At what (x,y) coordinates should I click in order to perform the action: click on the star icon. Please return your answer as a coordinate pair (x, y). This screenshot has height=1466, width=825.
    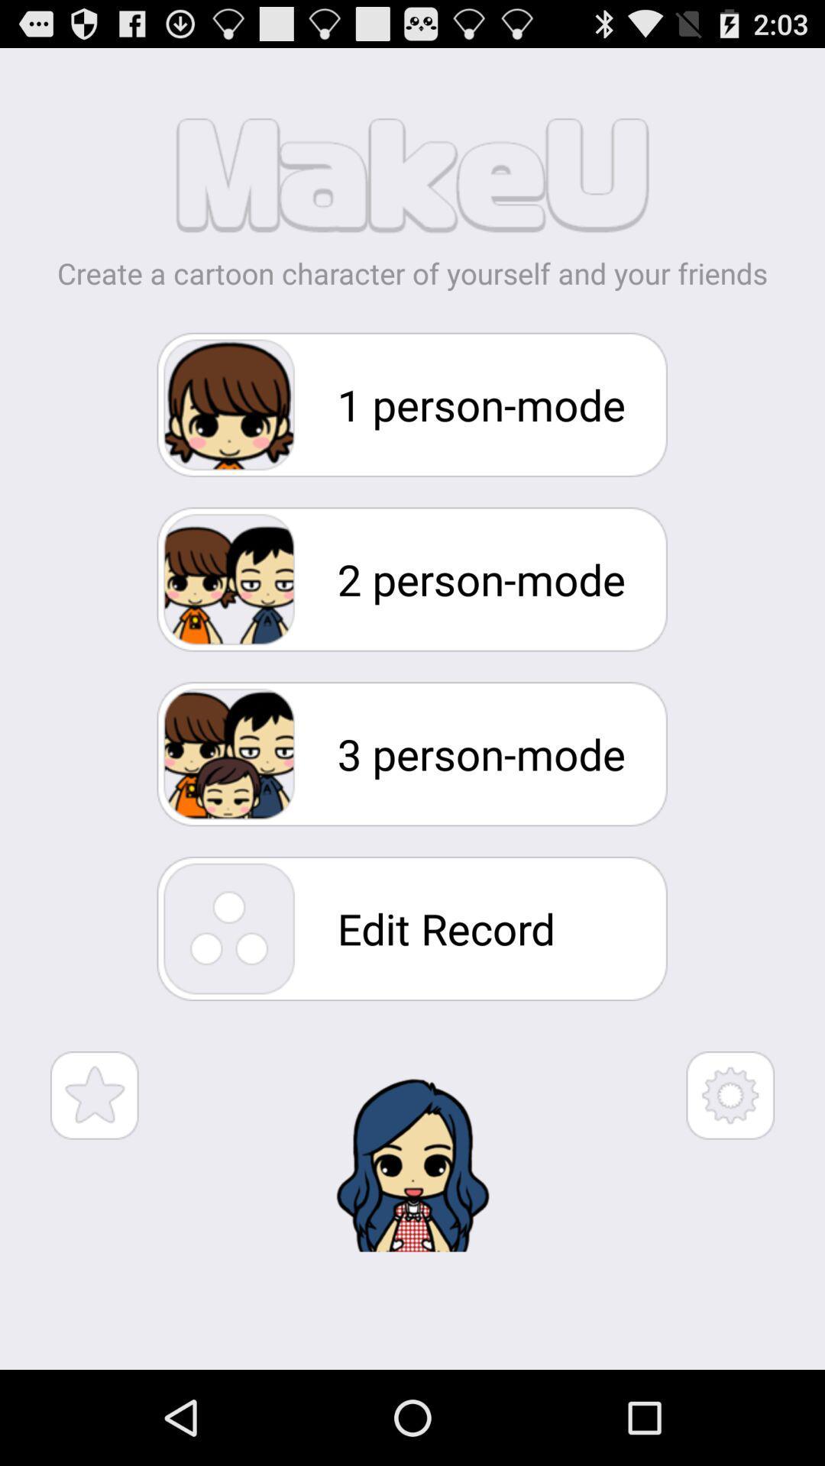
    Looking at the image, I should click on (94, 1171).